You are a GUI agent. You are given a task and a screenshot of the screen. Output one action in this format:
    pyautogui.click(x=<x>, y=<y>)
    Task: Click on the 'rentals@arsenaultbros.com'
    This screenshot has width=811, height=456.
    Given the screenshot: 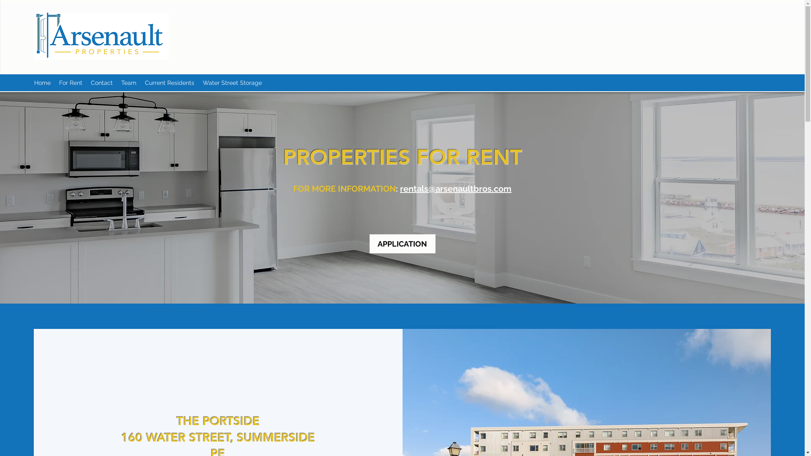 What is the action you would take?
    pyautogui.click(x=455, y=188)
    